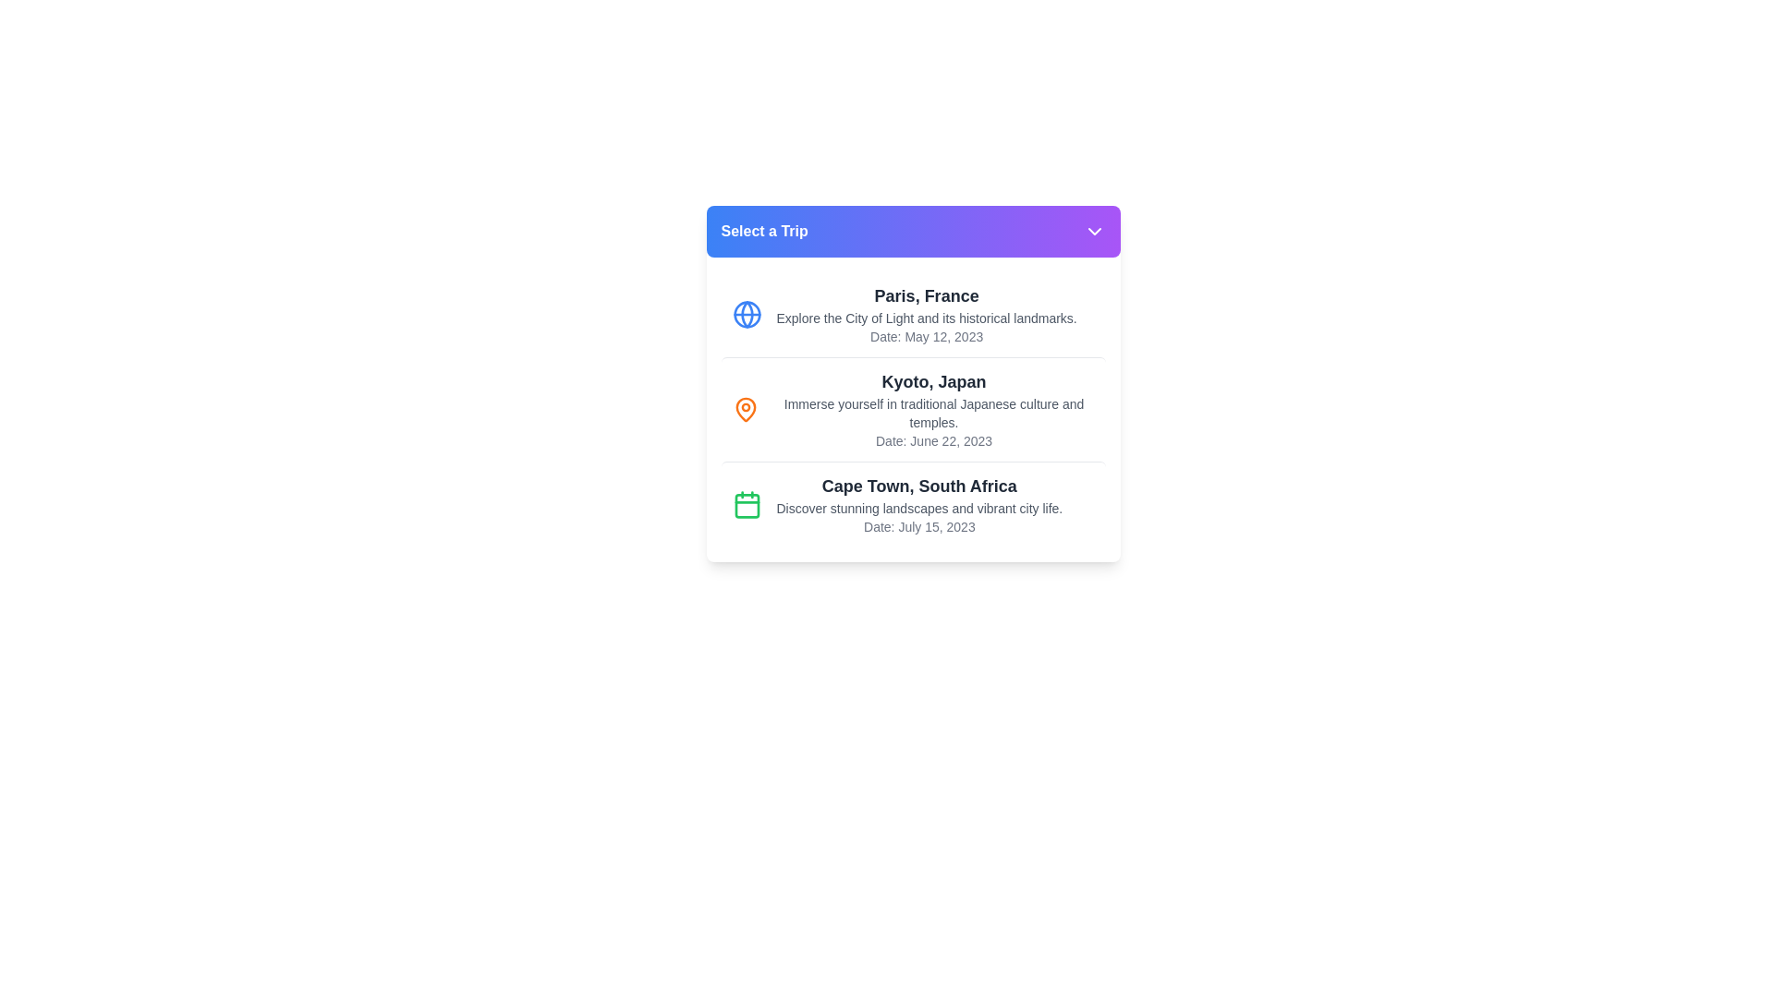 Image resolution: width=1774 pixels, height=997 pixels. What do you see at coordinates (913, 313) in the screenshot?
I see `text from the InformationalCard for the trip option to Paris, which is the first card in the list located below the 'Select a Trip' header` at bounding box center [913, 313].